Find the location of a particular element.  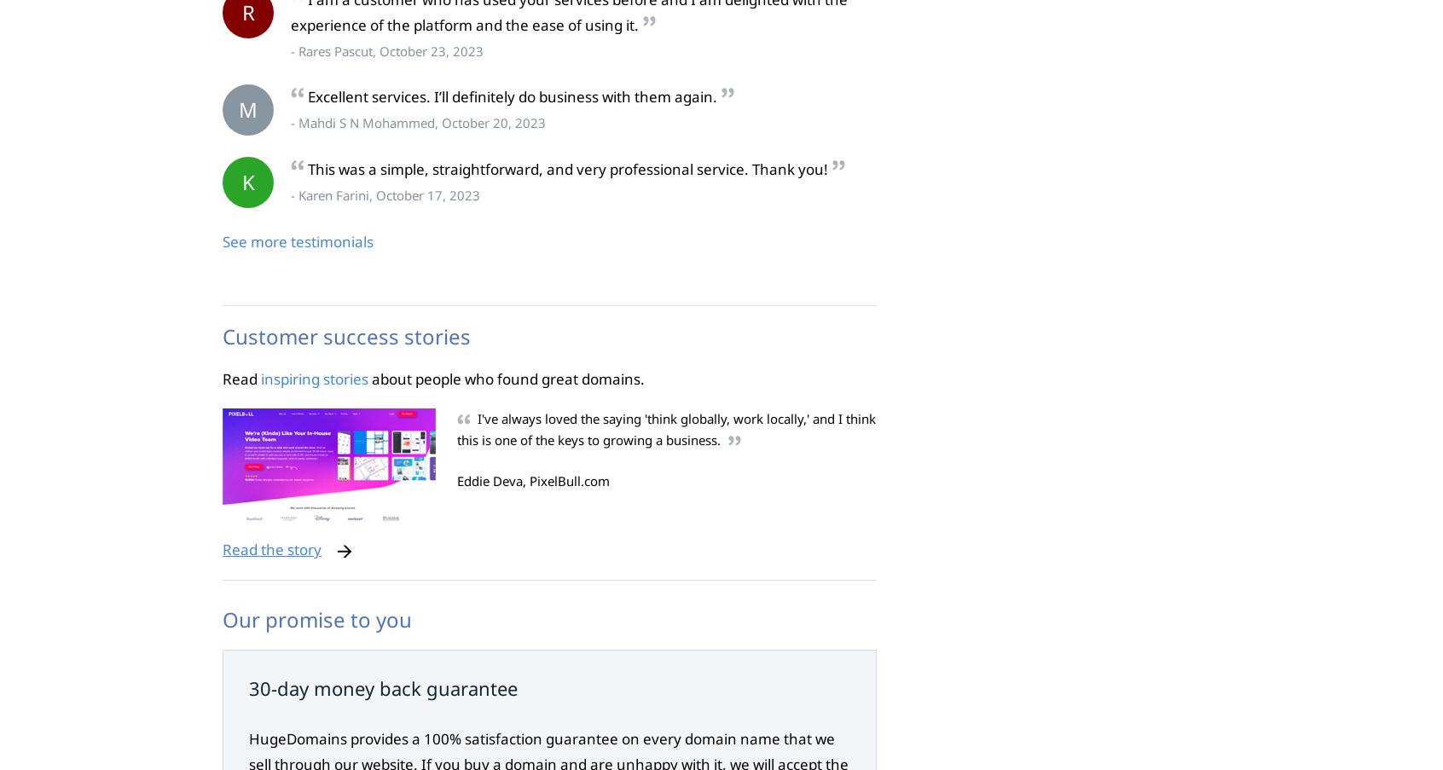

'K' is located at coordinates (246, 182).